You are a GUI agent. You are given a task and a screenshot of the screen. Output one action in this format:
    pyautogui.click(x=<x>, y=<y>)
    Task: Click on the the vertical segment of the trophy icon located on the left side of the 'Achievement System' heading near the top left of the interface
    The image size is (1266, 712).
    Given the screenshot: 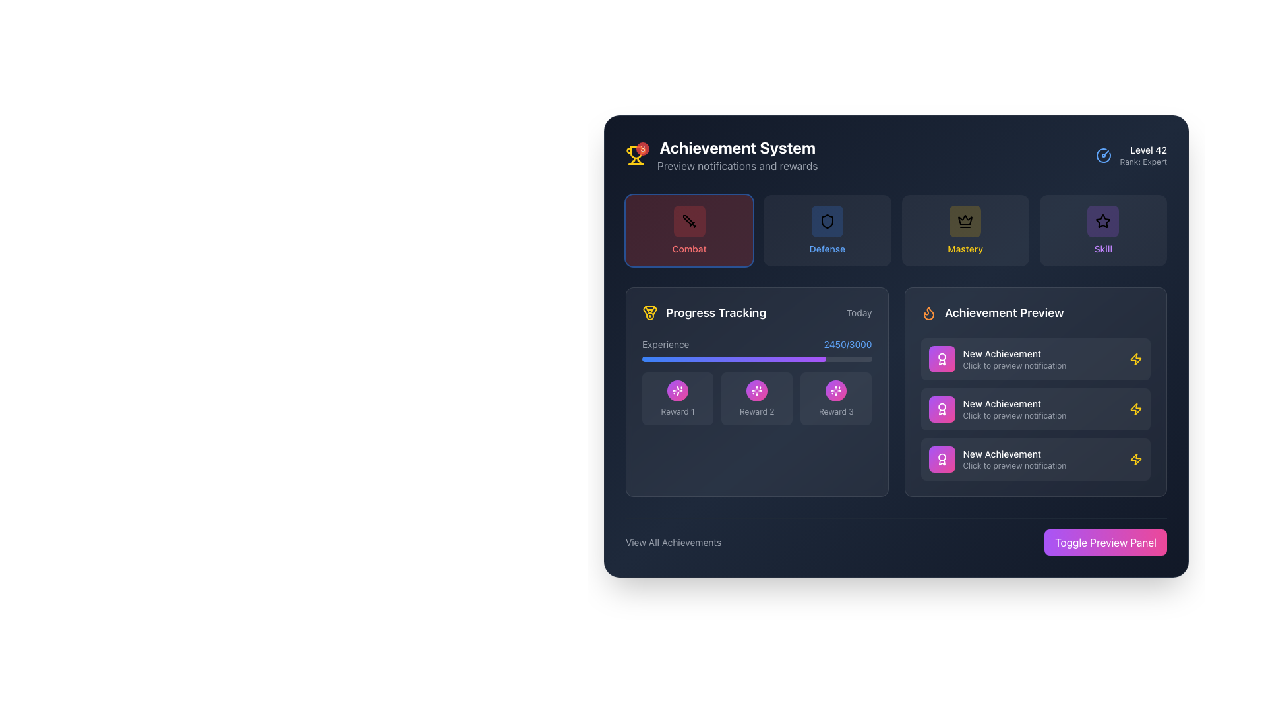 What is the action you would take?
    pyautogui.click(x=633, y=160)
    